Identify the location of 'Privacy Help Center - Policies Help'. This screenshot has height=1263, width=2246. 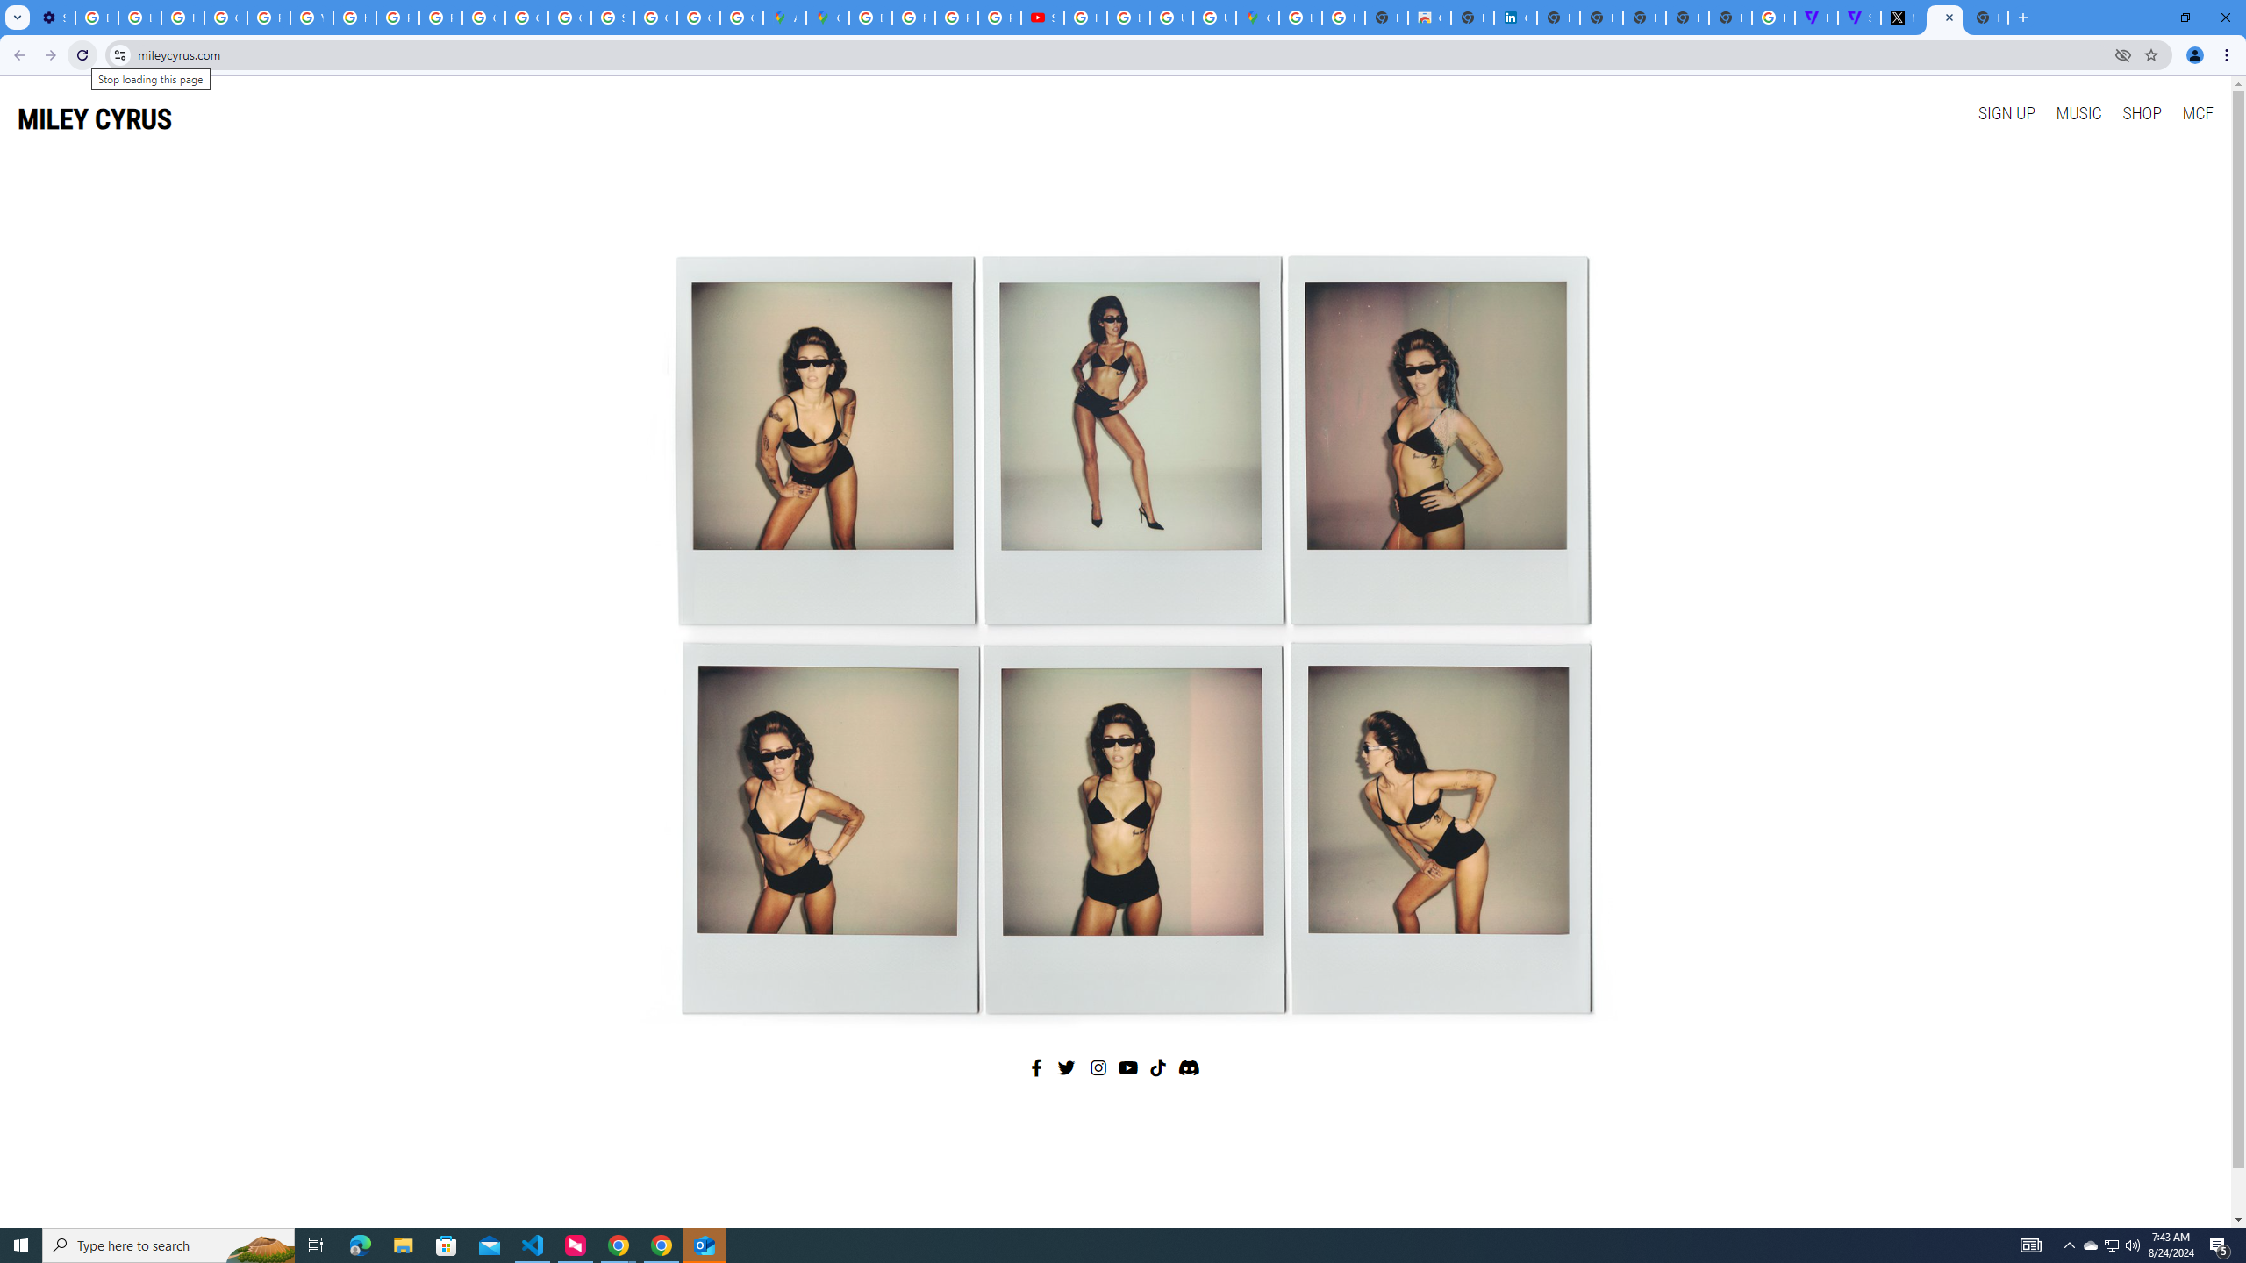
(268, 17).